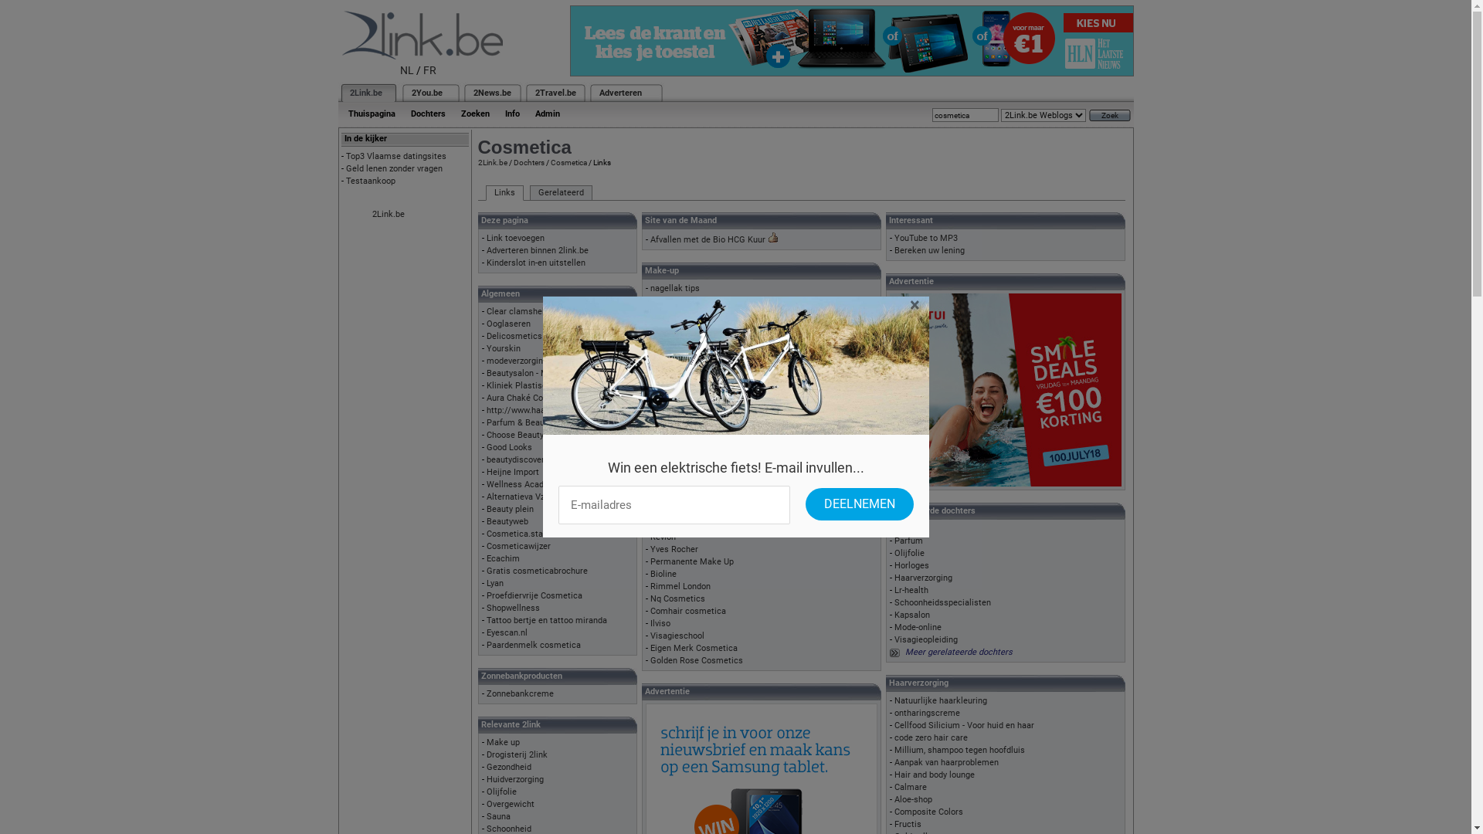  Describe the element at coordinates (663, 574) in the screenshot. I see `'Bioline'` at that location.